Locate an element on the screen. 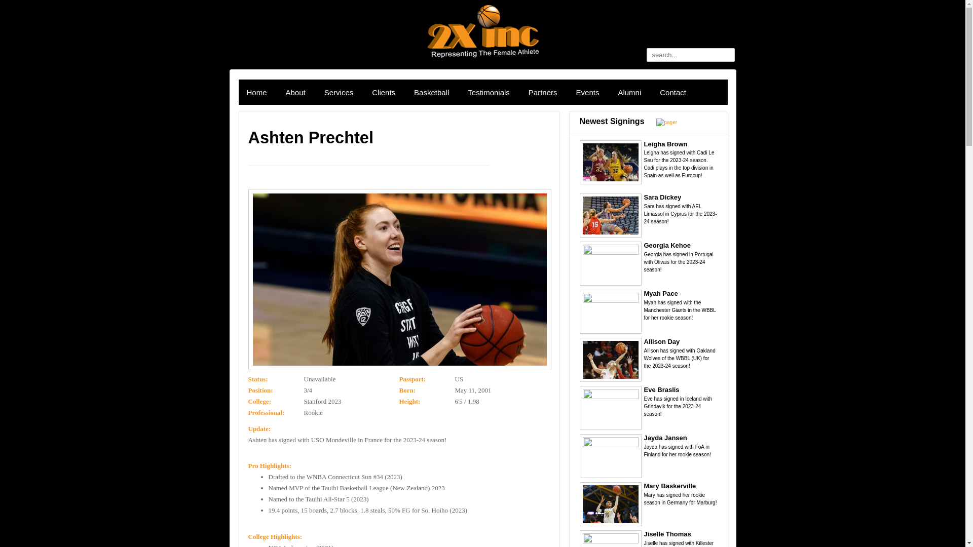 The width and height of the screenshot is (973, 547). 'Testimonials' is located at coordinates (462, 92).